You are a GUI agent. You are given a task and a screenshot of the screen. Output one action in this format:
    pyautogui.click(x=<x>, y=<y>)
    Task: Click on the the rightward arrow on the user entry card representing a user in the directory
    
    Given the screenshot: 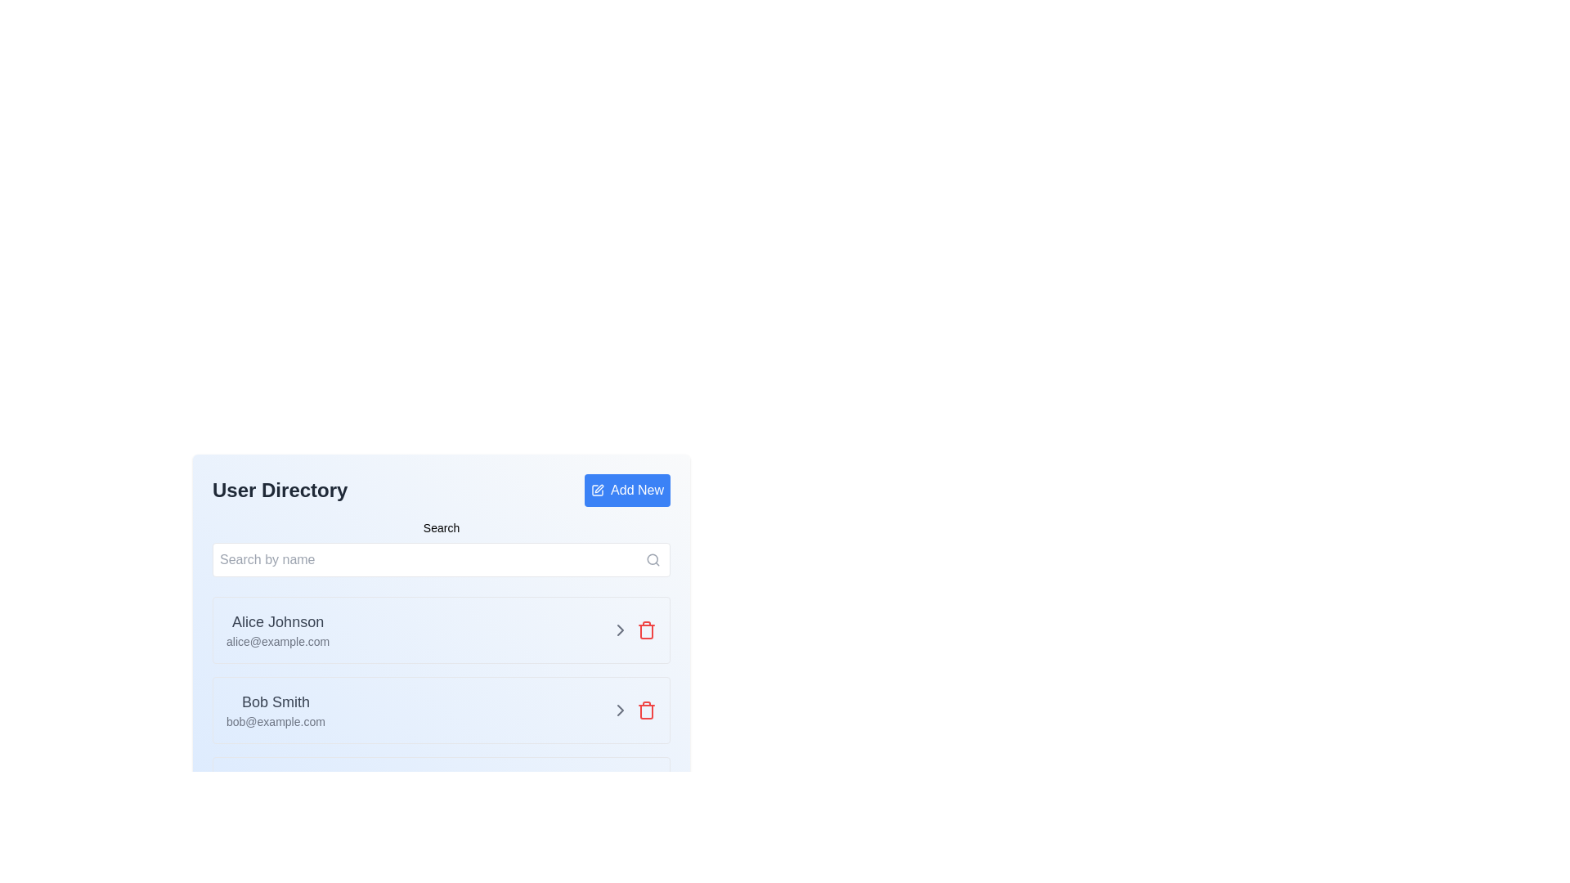 What is the action you would take?
    pyautogui.click(x=441, y=709)
    